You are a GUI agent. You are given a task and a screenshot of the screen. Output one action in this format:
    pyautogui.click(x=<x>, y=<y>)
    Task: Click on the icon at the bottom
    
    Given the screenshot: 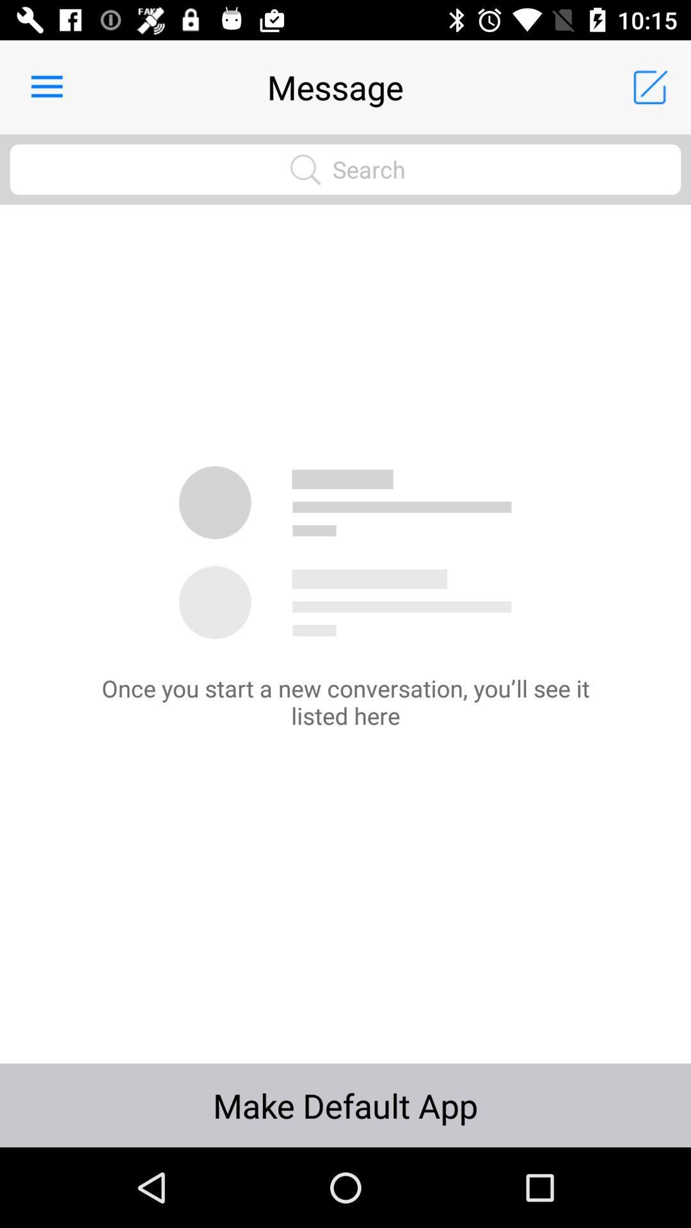 What is the action you would take?
    pyautogui.click(x=345, y=1105)
    